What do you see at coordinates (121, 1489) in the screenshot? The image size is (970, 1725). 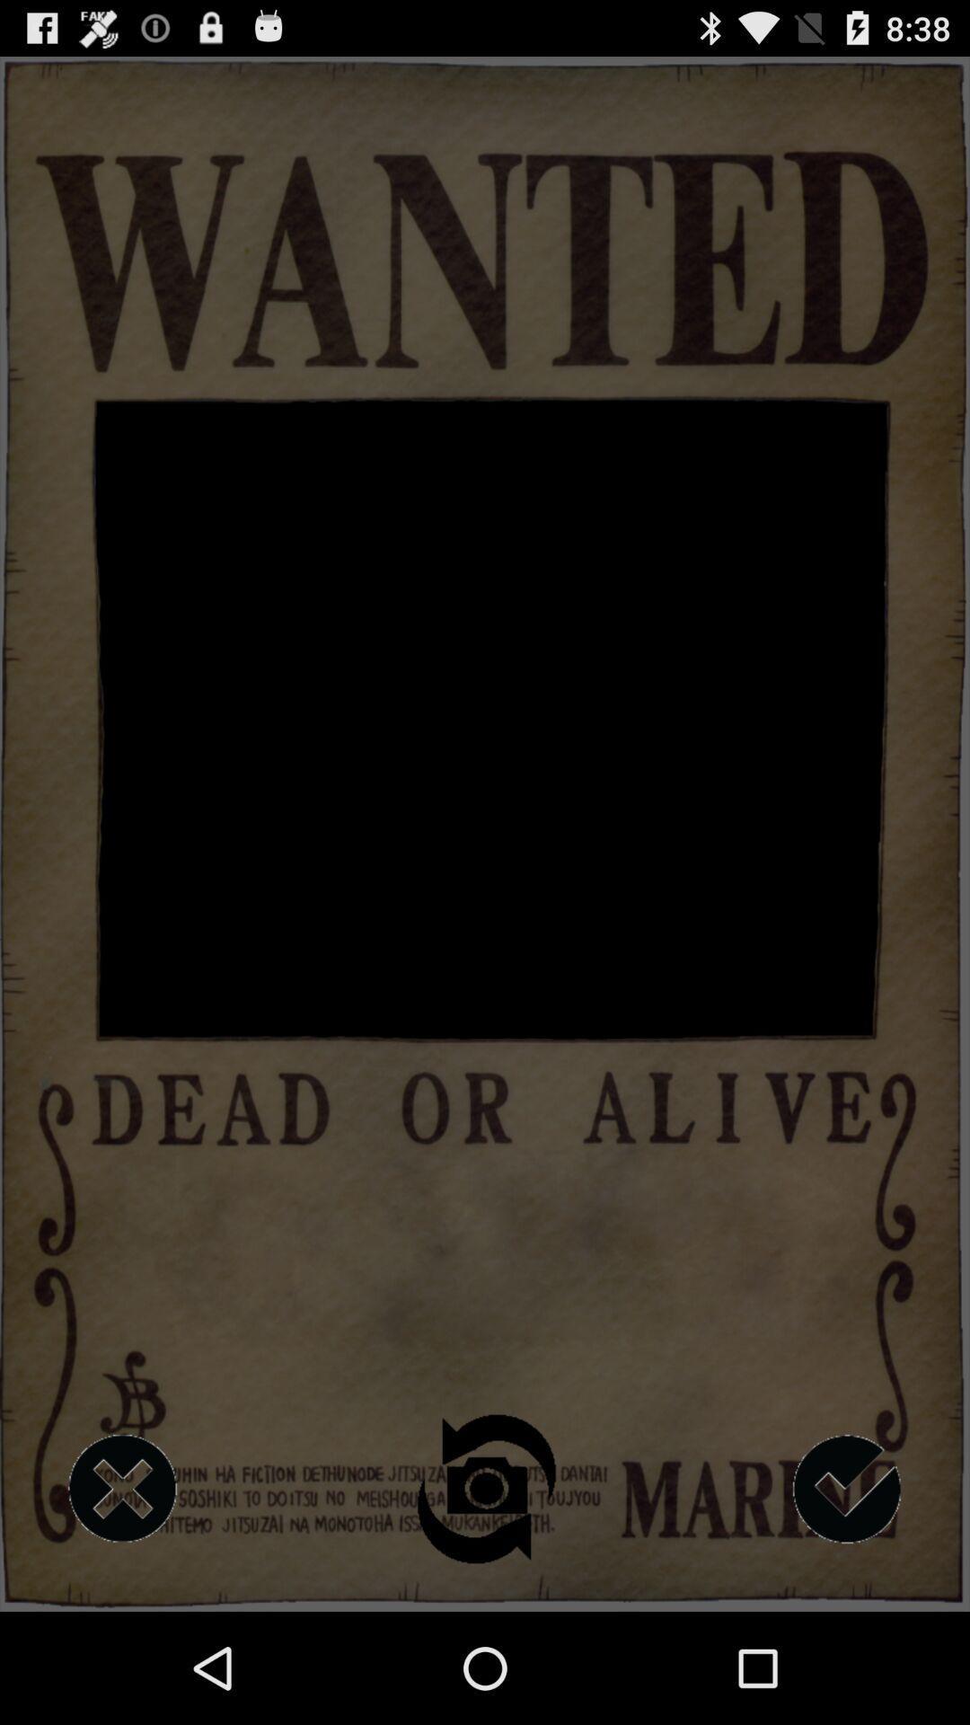 I see `item at the bottom left corner` at bounding box center [121, 1489].